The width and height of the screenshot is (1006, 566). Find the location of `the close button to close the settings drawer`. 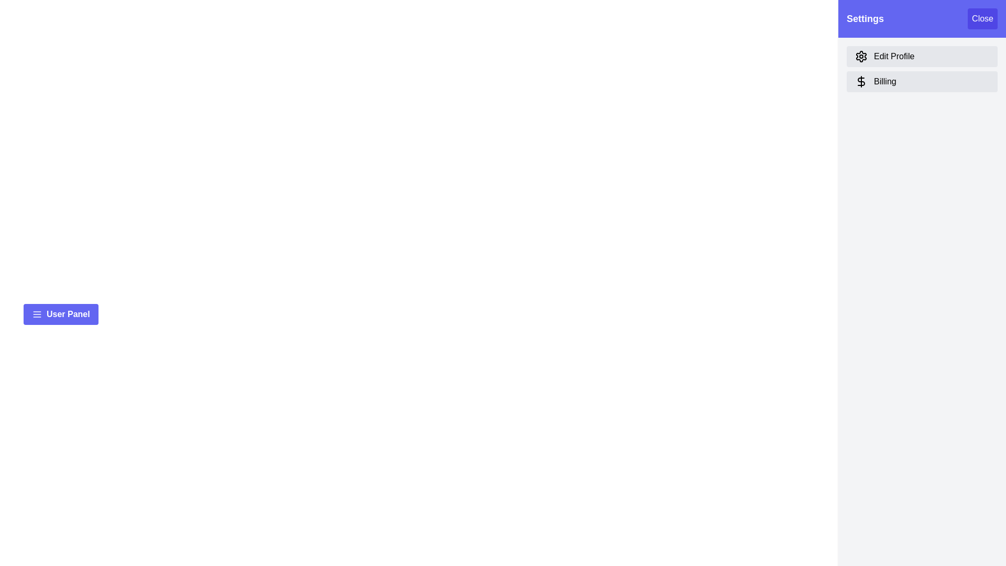

the close button to close the settings drawer is located at coordinates (982, 18).